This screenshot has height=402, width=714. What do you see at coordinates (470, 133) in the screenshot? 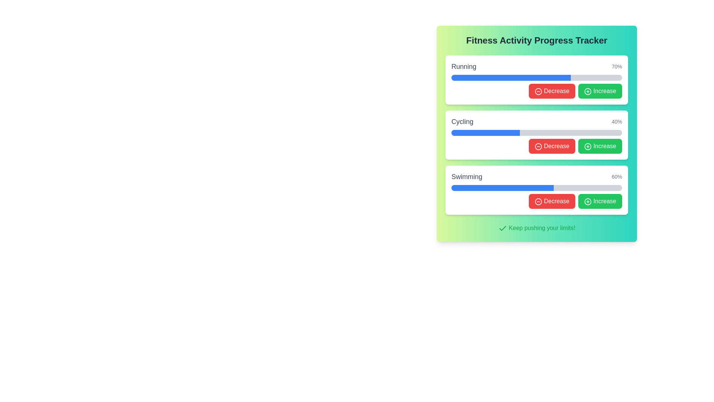
I see `the progress for cycling activity` at bounding box center [470, 133].